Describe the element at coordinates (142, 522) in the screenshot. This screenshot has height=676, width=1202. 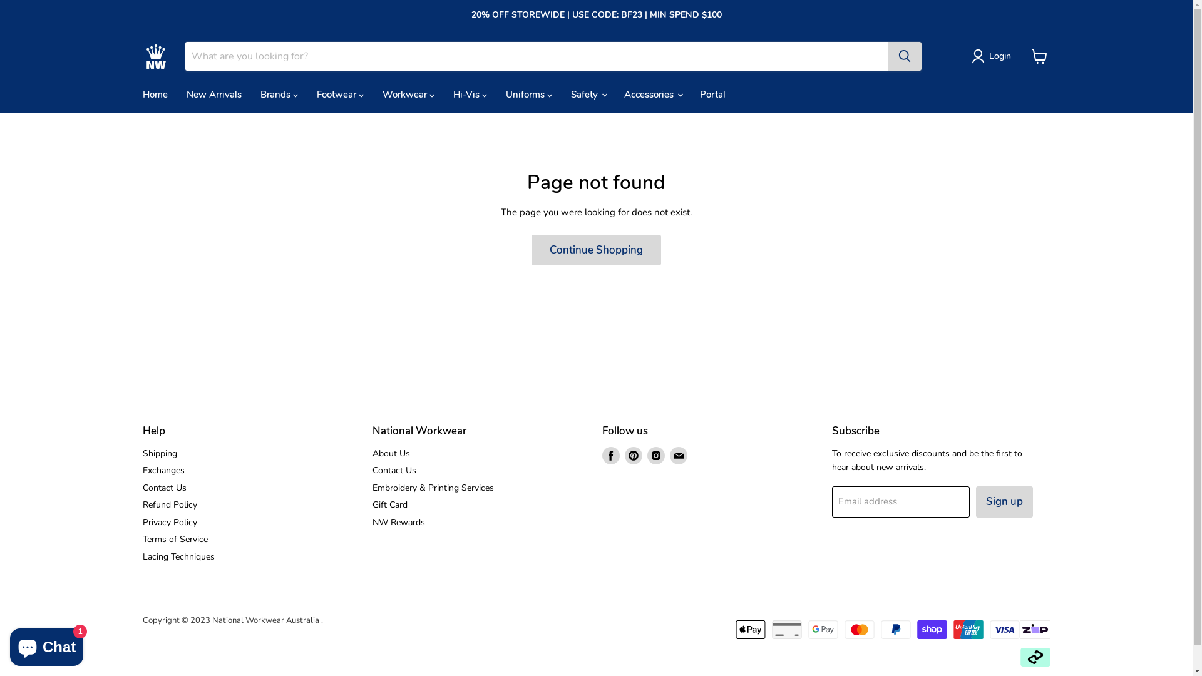
I see `'Privacy Policy'` at that location.